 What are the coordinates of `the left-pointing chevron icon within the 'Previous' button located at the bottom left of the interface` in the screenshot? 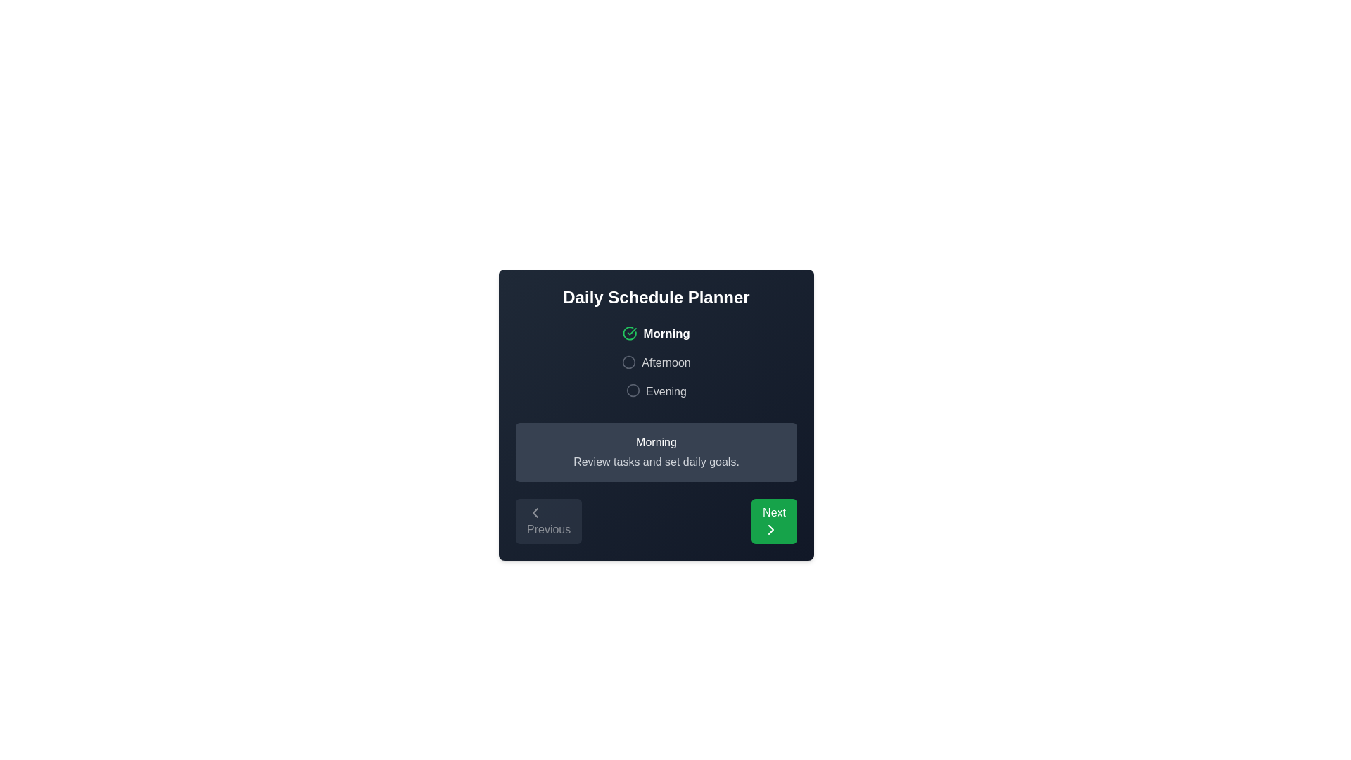 It's located at (535, 513).